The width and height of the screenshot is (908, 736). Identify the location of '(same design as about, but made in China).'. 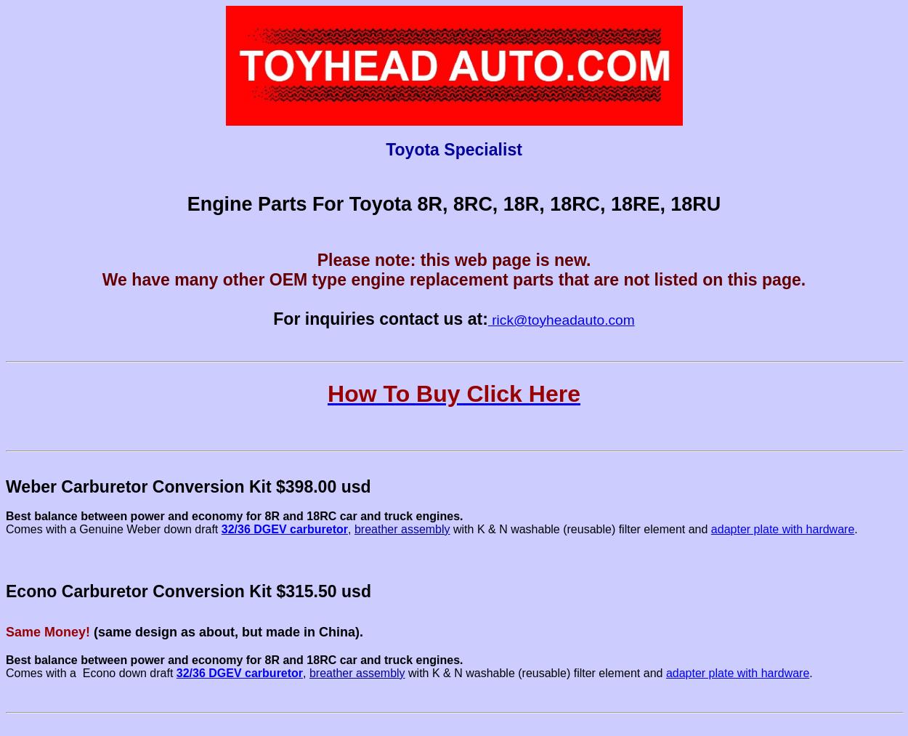
(227, 631).